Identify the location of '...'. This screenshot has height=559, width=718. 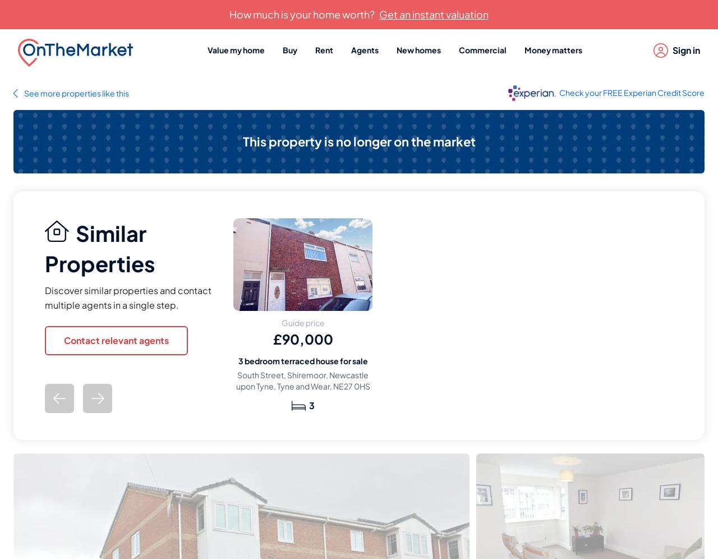
(4, 7).